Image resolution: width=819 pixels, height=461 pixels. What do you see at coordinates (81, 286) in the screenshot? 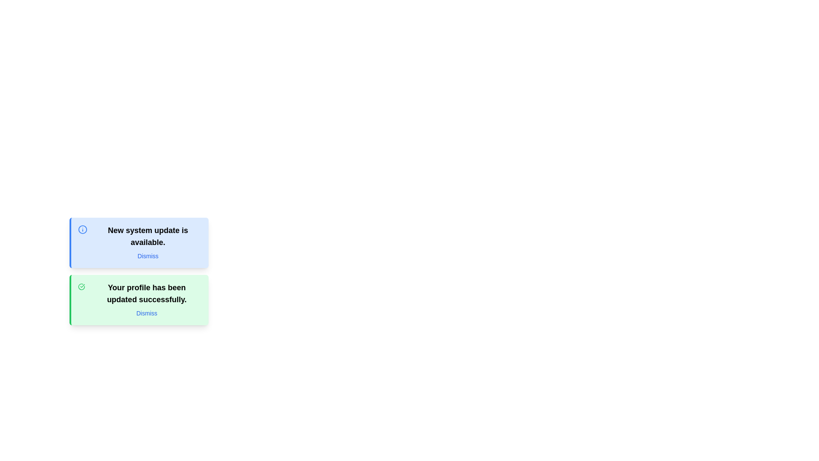
I see `the success confirmation icon located in the green notification box that indicates 'Your profile has been updated successfully.'` at bounding box center [81, 286].